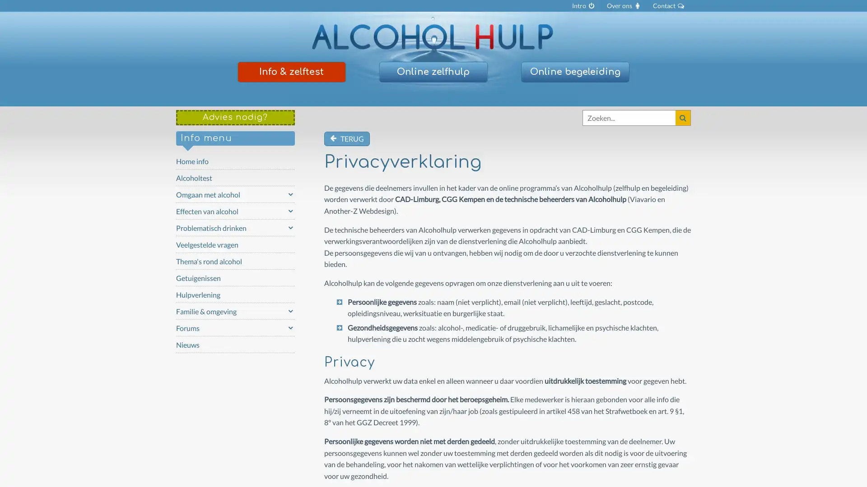 This screenshot has height=487, width=867. Describe the element at coordinates (291, 71) in the screenshot. I see `Info & zelftest` at that location.